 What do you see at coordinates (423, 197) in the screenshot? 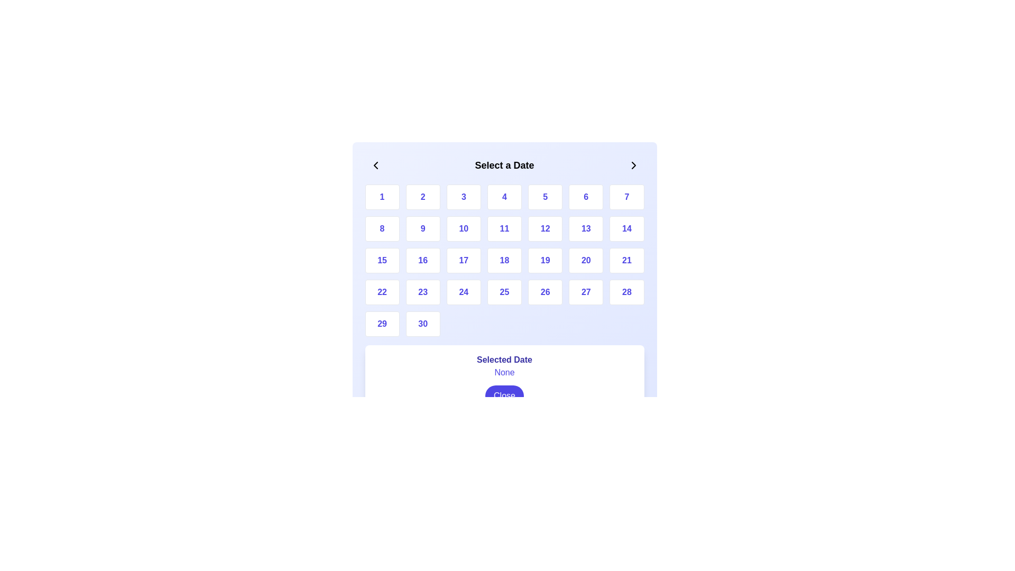
I see `the rounded rectangular button labeled '2'` at bounding box center [423, 197].